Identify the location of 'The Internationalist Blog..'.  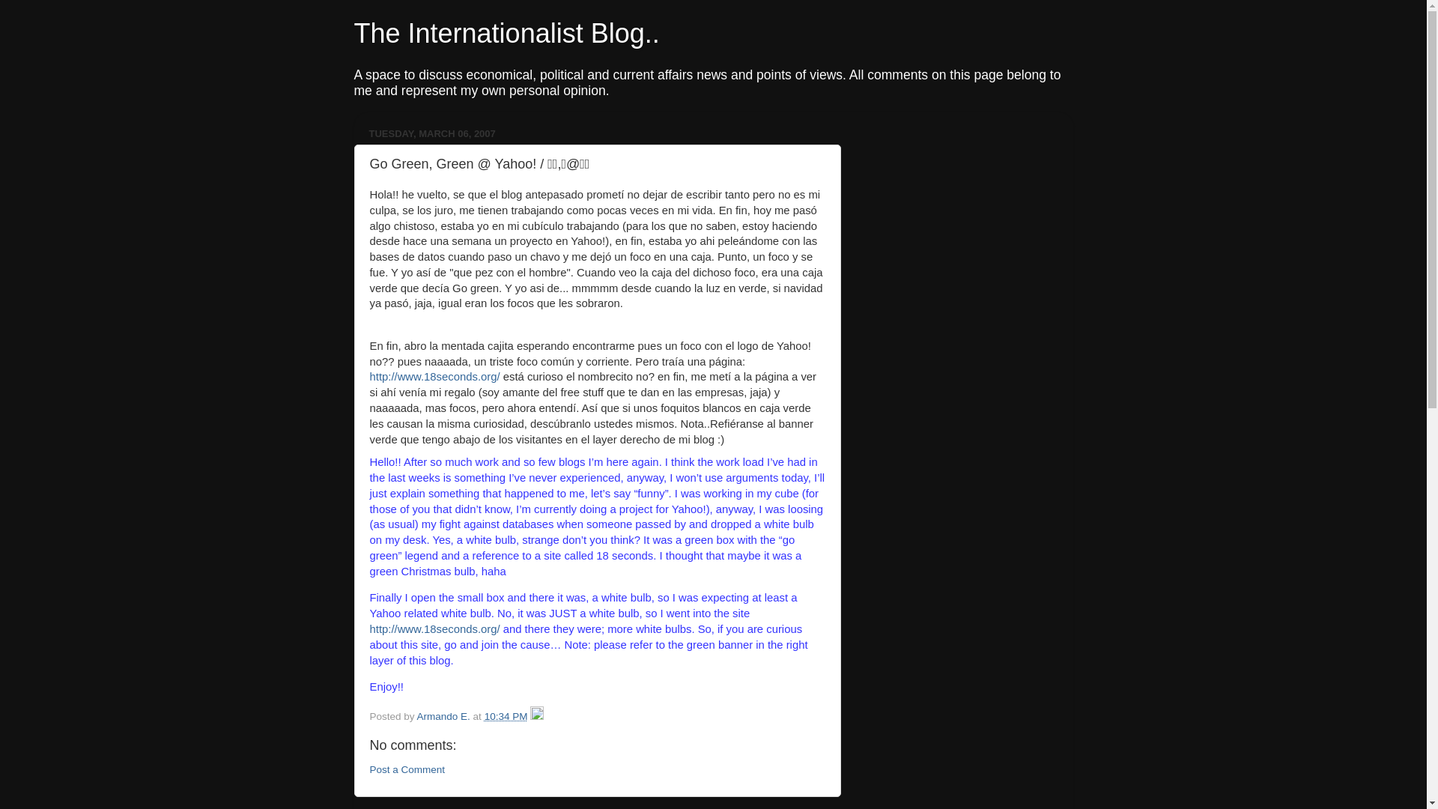
(506, 33).